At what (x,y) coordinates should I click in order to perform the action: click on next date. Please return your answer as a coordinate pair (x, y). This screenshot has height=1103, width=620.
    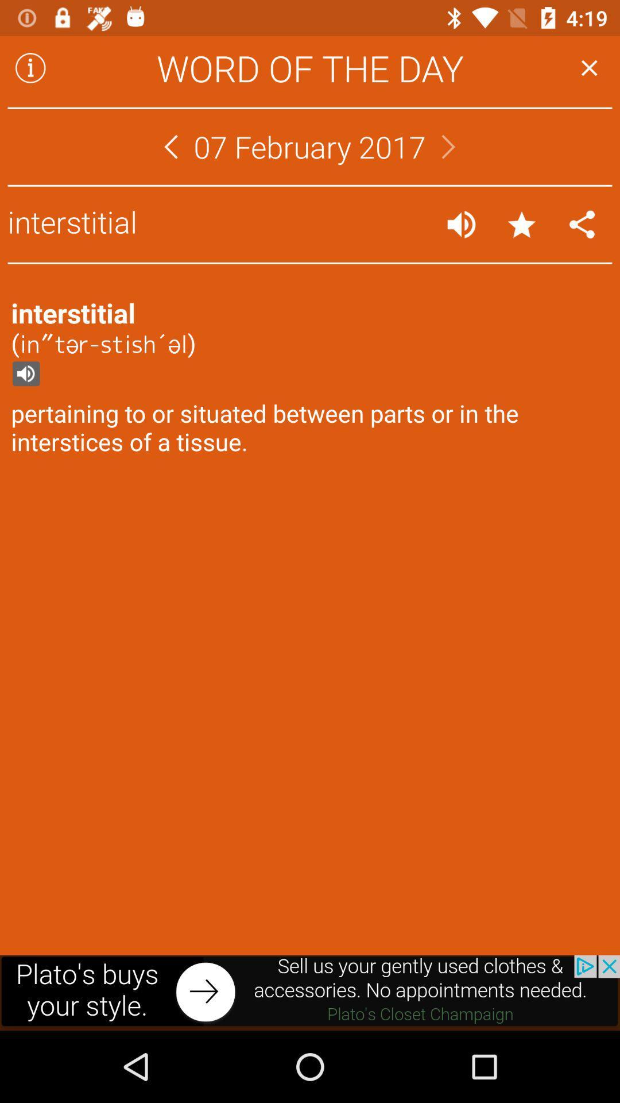
    Looking at the image, I should click on (448, 146).